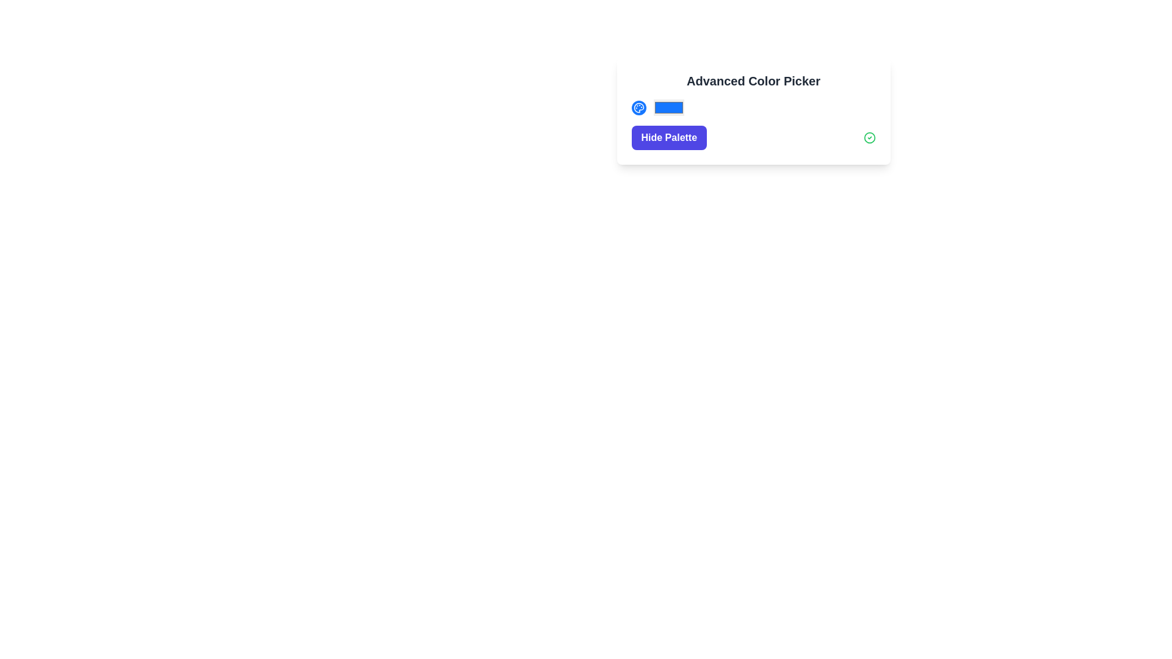 Image resolution: width=1172 pixels, height=659 pixels. I want to click on the green circular border icon with a white background located in the Advanced Color Picker interface, adjacent to a red-bordered icon, so click(869, 137).